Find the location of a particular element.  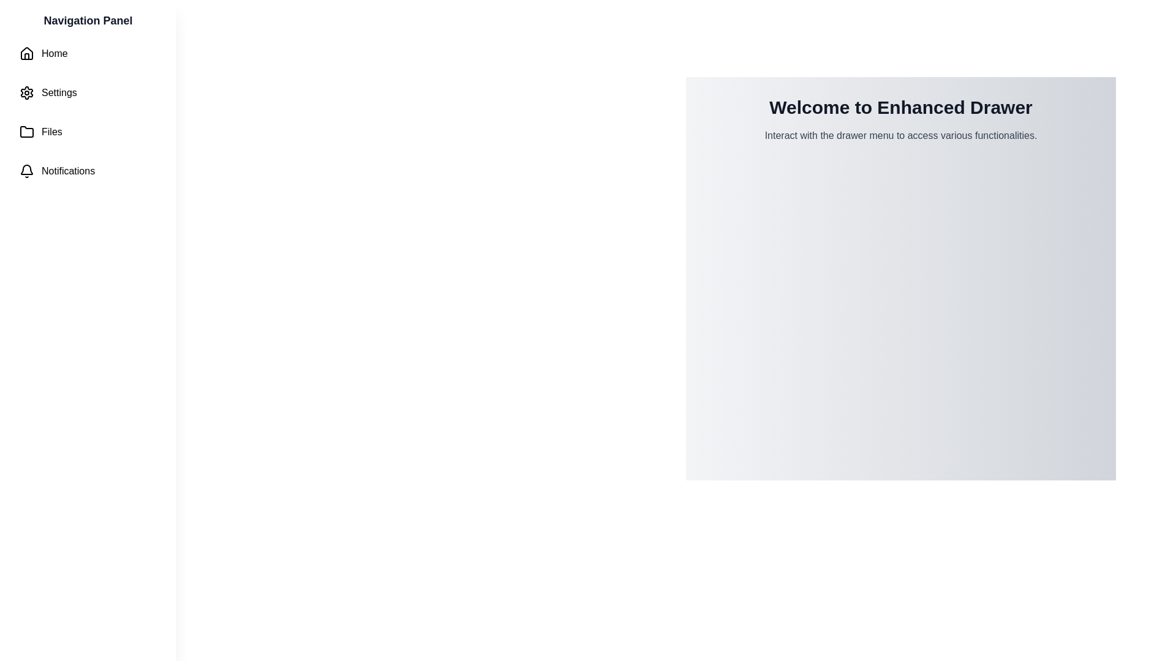

the static text label in the left-side navigation drawer, which serves as the header for the navigation menu is located at coordinates (88, 21).